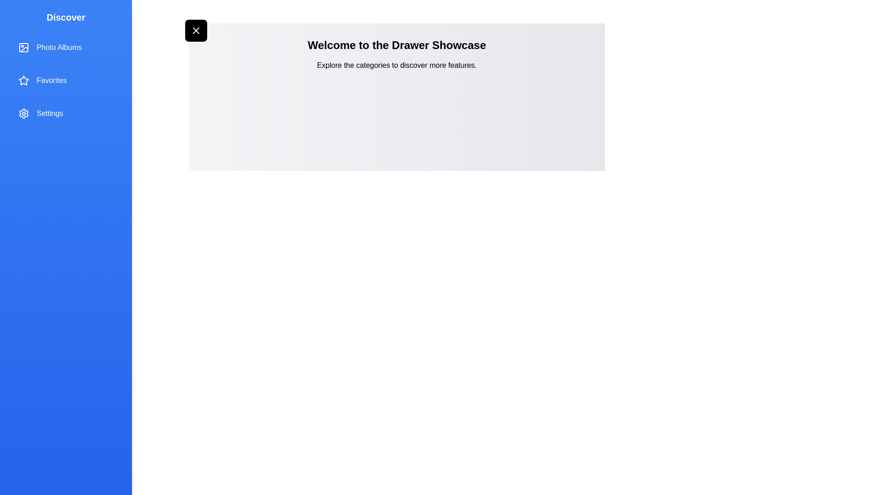 This screenshot has width=880, height=495. What do you see at coordinates (66, 113) in the screenshot?
I see `the drawer item labeled 'Settings' to select it` at bounding box center [66, 113].